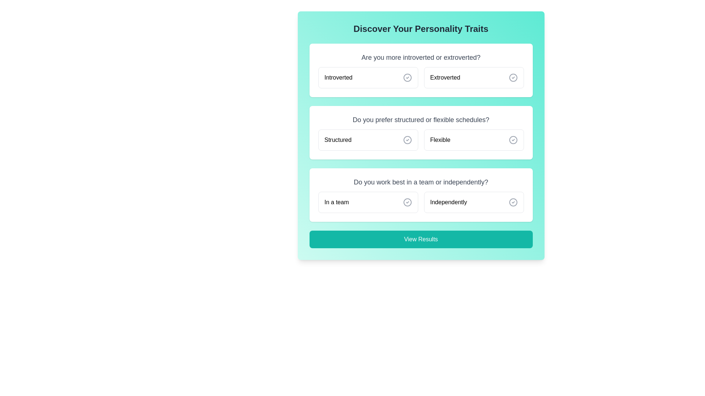 The image size is (705, 396). I want to click on the 'Flexible' label located to the right of 'Structured' in the 'Discover Your Personality Traits' section, so click(440, 140).